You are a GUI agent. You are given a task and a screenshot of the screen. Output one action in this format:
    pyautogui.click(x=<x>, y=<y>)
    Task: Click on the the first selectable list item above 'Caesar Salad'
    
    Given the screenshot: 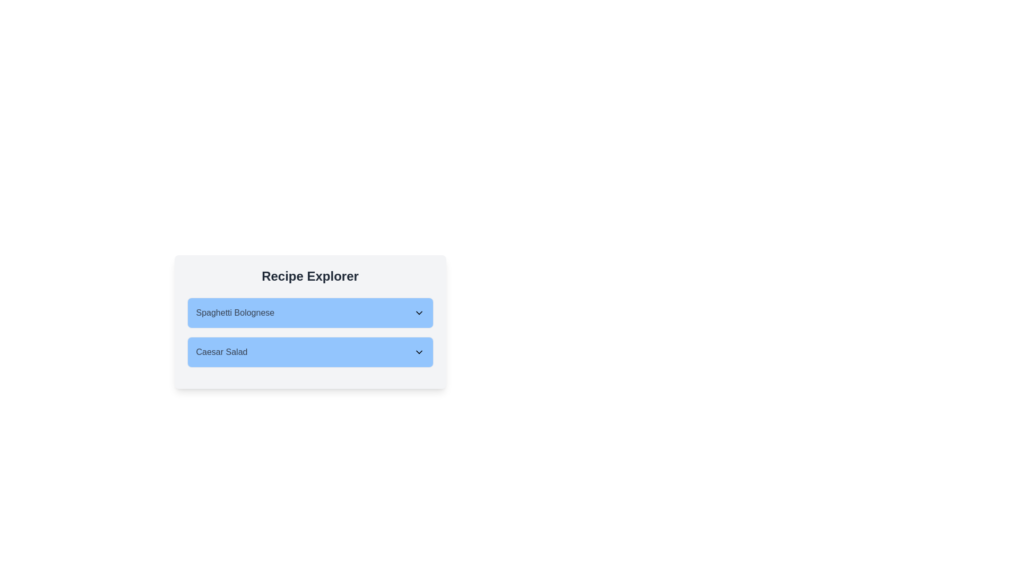 What is the action you would take?
    pyautogui.click(x=309, y=312)
    